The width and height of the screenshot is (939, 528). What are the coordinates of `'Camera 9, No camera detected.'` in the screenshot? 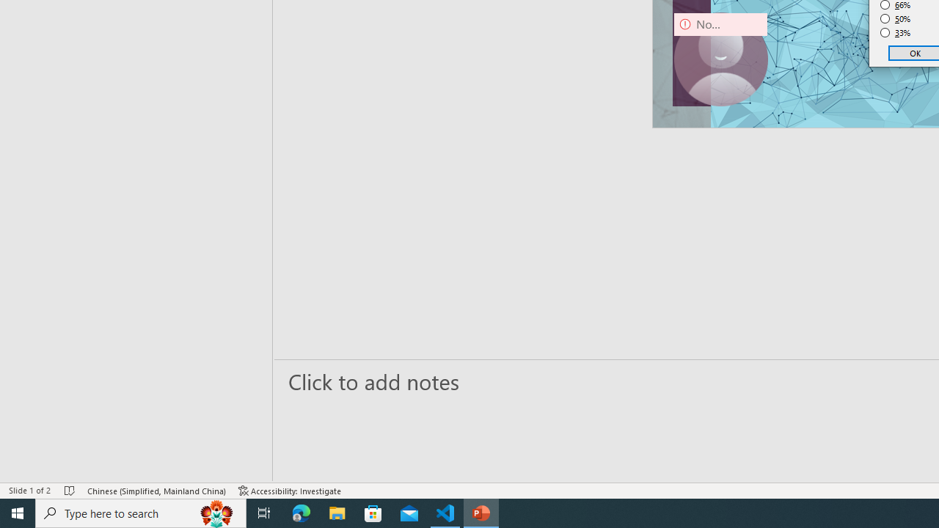 It's located at (720, 59).